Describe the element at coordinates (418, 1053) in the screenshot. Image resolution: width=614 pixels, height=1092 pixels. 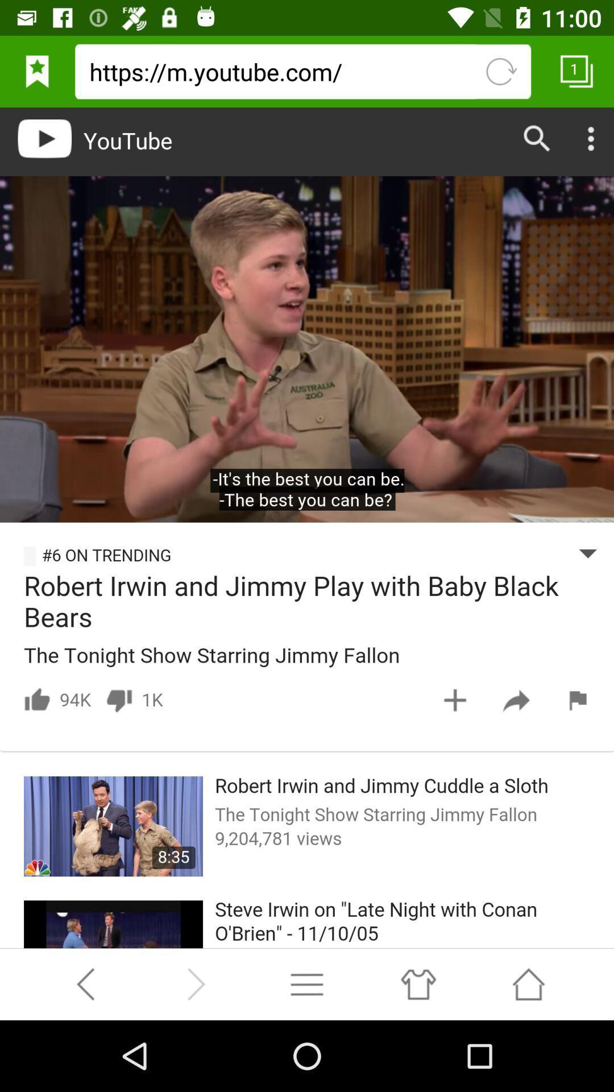
I see `the group icon` at that location.